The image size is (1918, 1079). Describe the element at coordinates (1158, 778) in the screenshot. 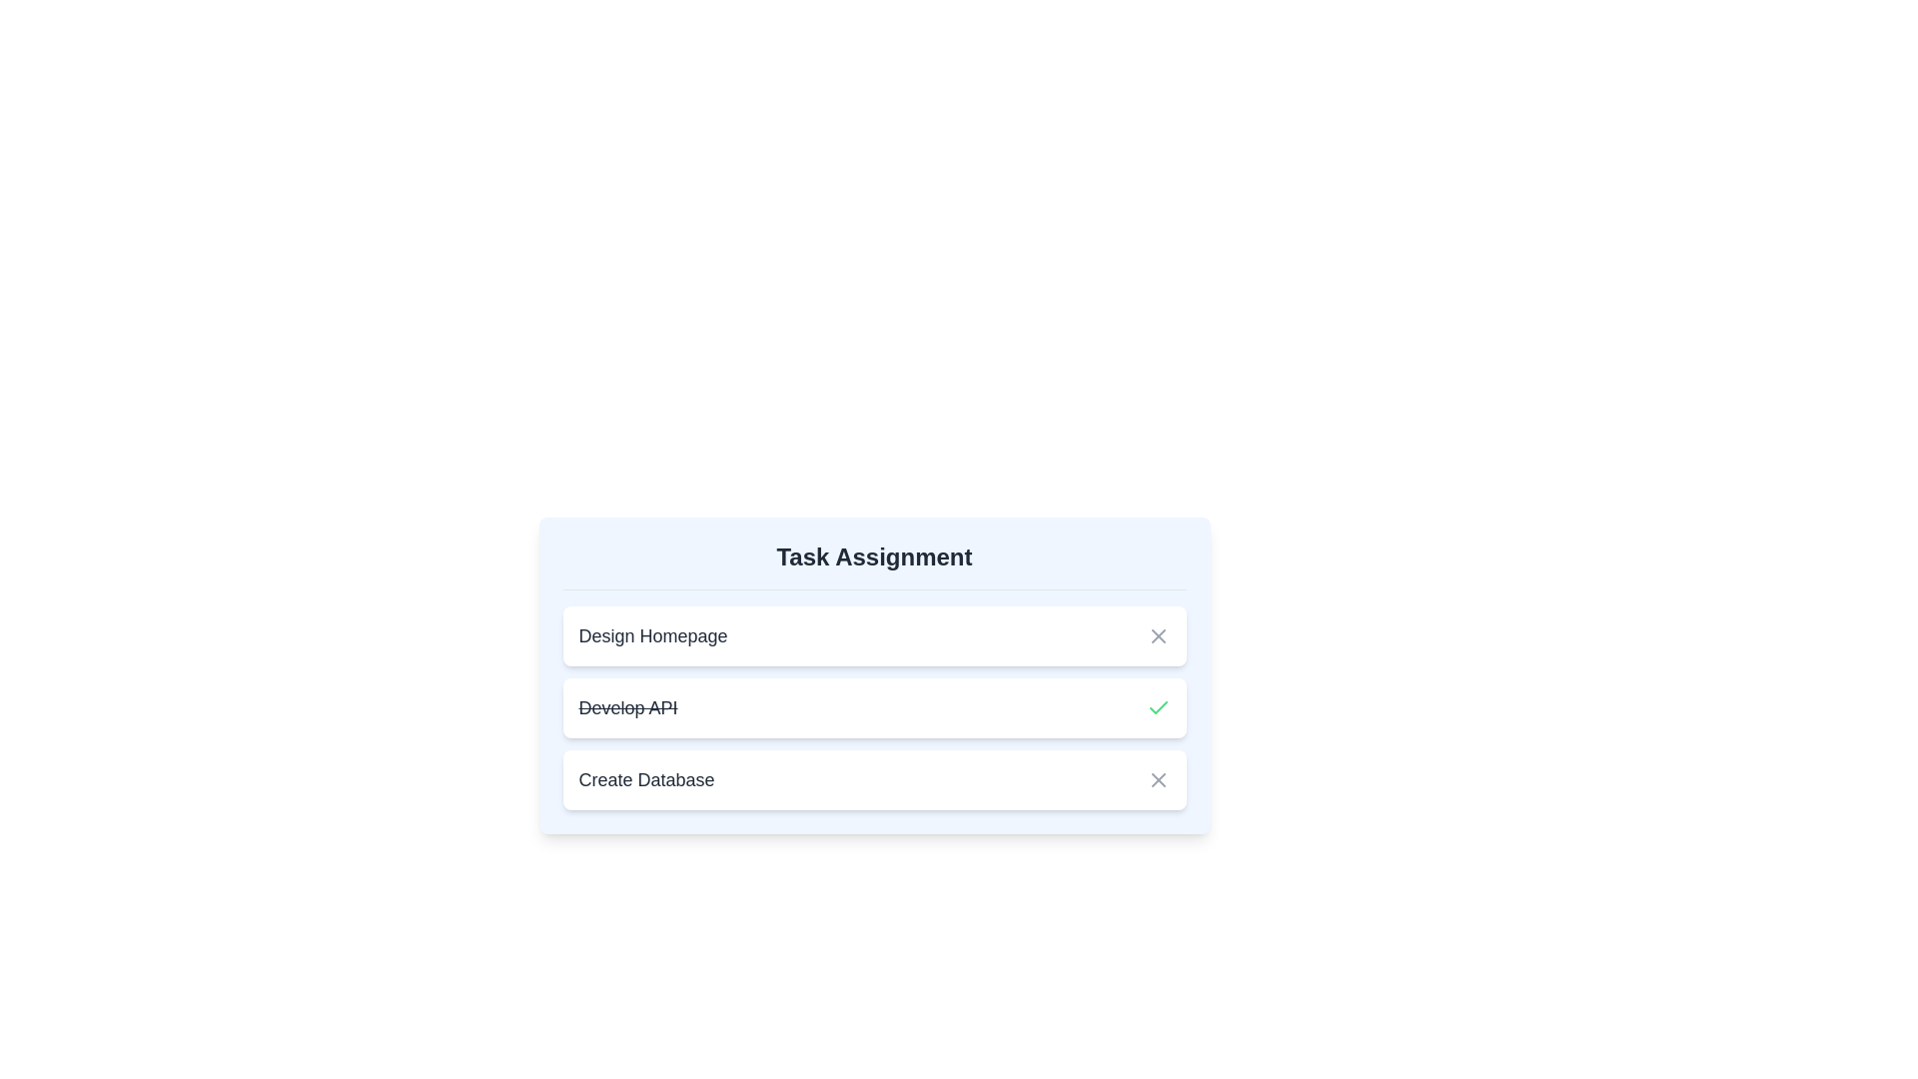

I see `the close or delete button (Icon Button) positioned to the right of the 'Create Database' text` at that location.